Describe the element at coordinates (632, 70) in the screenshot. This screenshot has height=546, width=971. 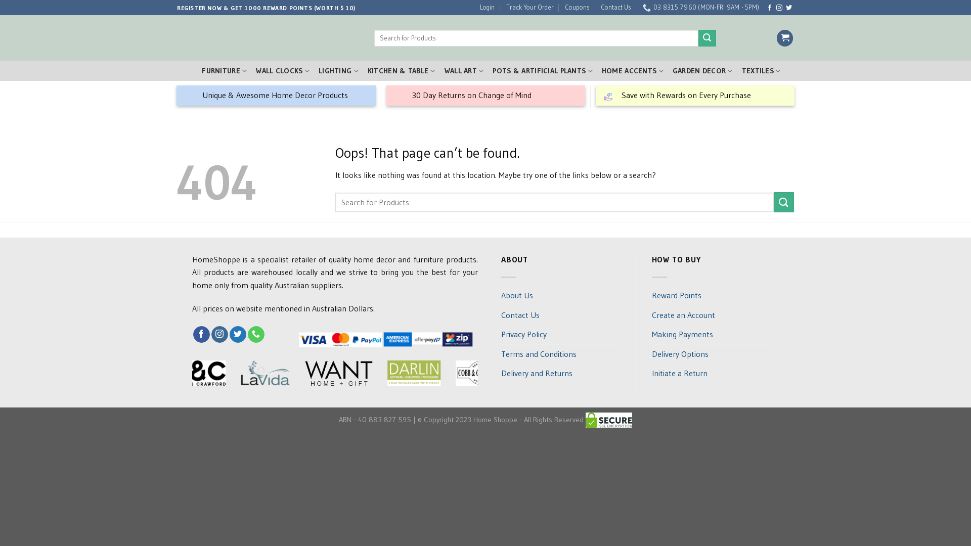
I see `'HOME ACCENTS'` at that location.